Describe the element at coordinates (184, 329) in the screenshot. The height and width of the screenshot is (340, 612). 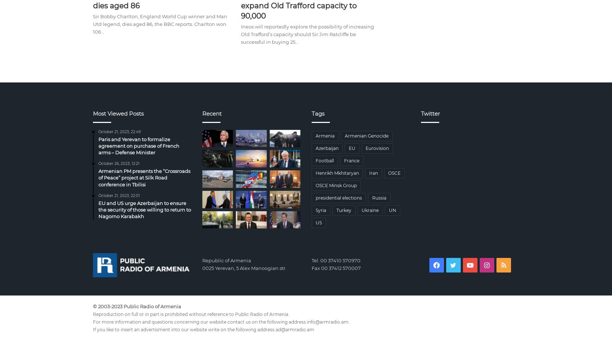
I see `'If you like to insert an advertisment into our website write on the following address'` at that location.